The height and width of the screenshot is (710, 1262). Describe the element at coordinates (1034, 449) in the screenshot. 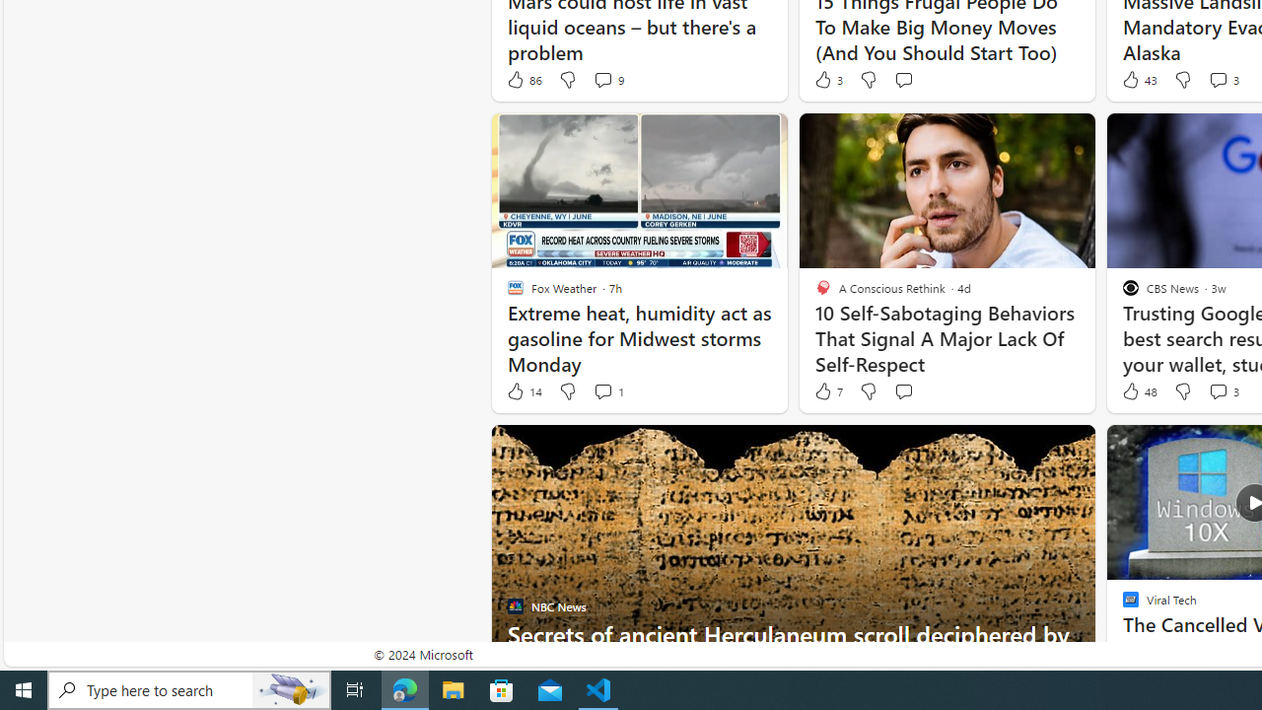

I see `'Hide this story'` at that location.